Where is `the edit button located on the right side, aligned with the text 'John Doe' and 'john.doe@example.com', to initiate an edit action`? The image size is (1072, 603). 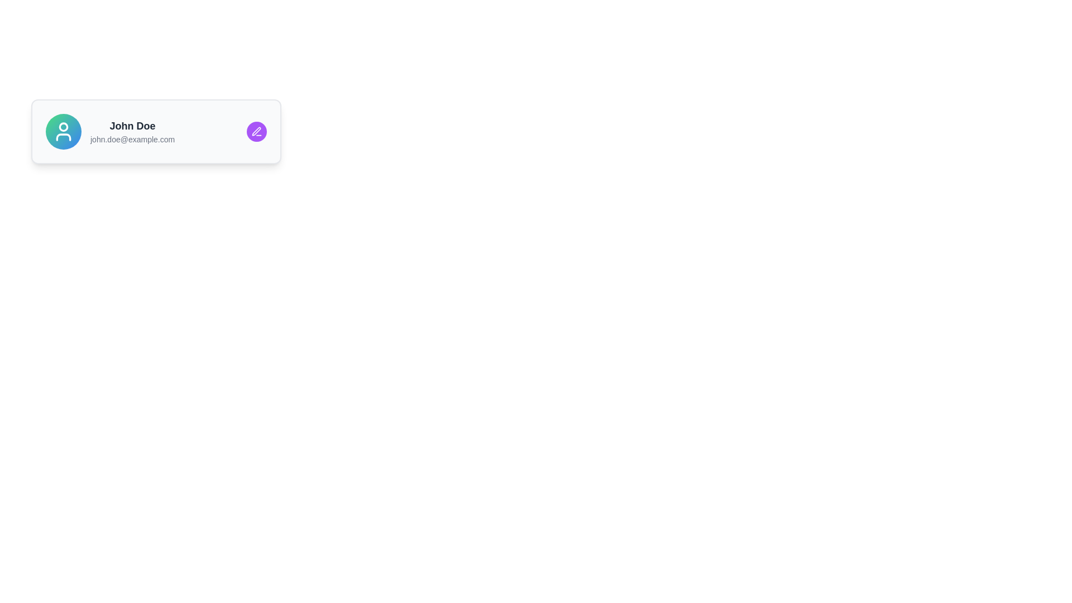
the edit button located on the right side, aligned with the text 'John Doe' and 'john.doe@example.com', to initiate an edit action is located at coordinates (256, 131).